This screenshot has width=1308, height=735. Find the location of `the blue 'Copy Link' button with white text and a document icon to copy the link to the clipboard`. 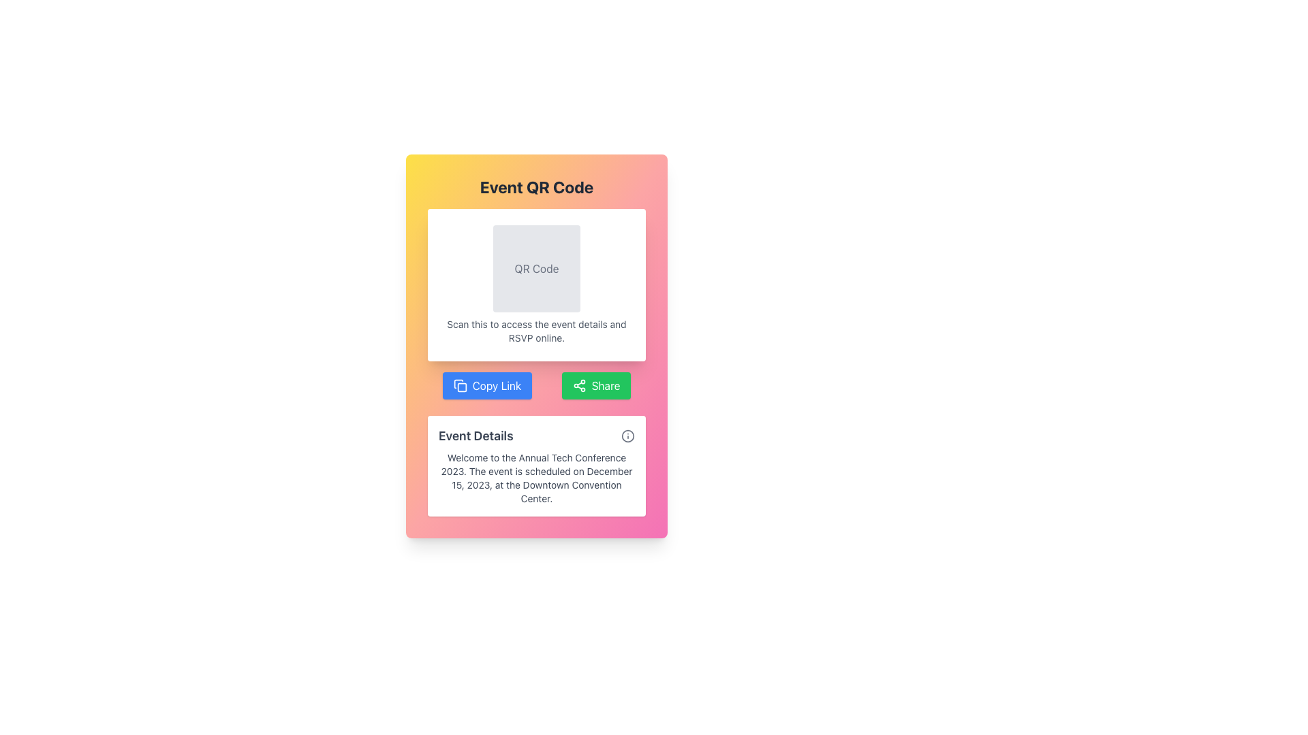

the blue 'Copy Link' button with white text and a document icon to copy the link to the clipboard is located at coordinates (487, 386).